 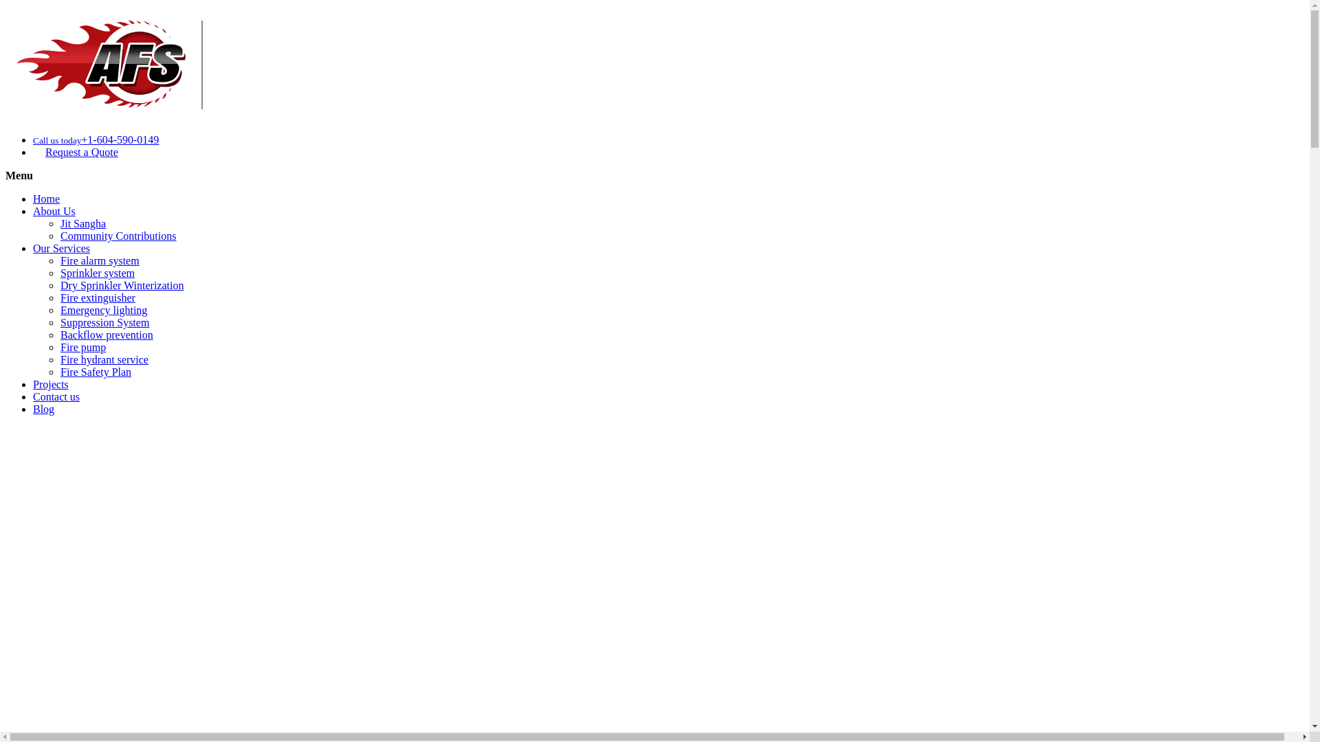 What do you see at coordinates (97, 273) in the screenshot?
I see `'Sprinkler system'` at bounding box center [97, 273].